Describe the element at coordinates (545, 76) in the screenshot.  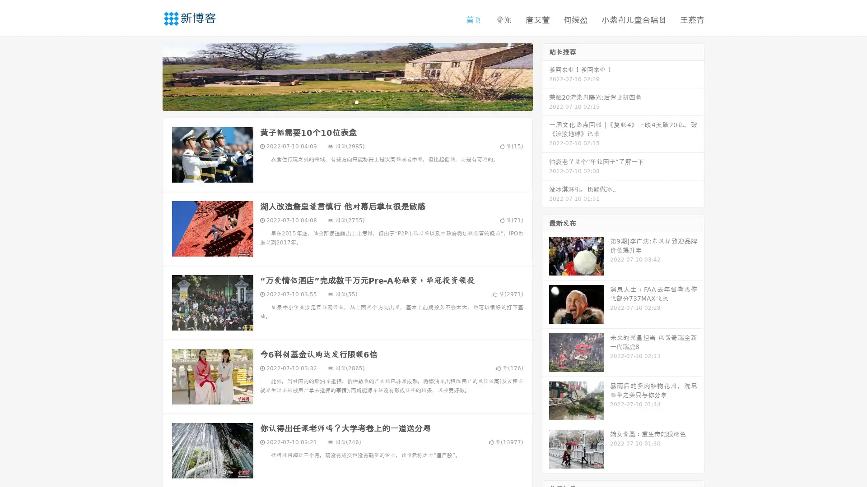
I see `Next slide` at that location.